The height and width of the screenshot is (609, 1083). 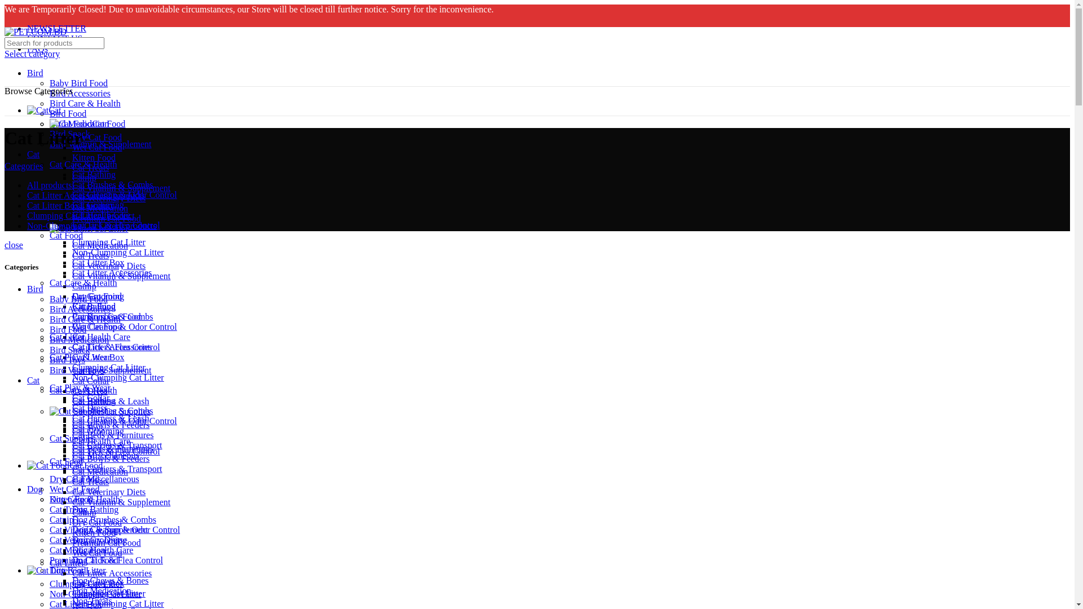 I want to click on 'Cat Play & Wear', so click(x=80, y=387).